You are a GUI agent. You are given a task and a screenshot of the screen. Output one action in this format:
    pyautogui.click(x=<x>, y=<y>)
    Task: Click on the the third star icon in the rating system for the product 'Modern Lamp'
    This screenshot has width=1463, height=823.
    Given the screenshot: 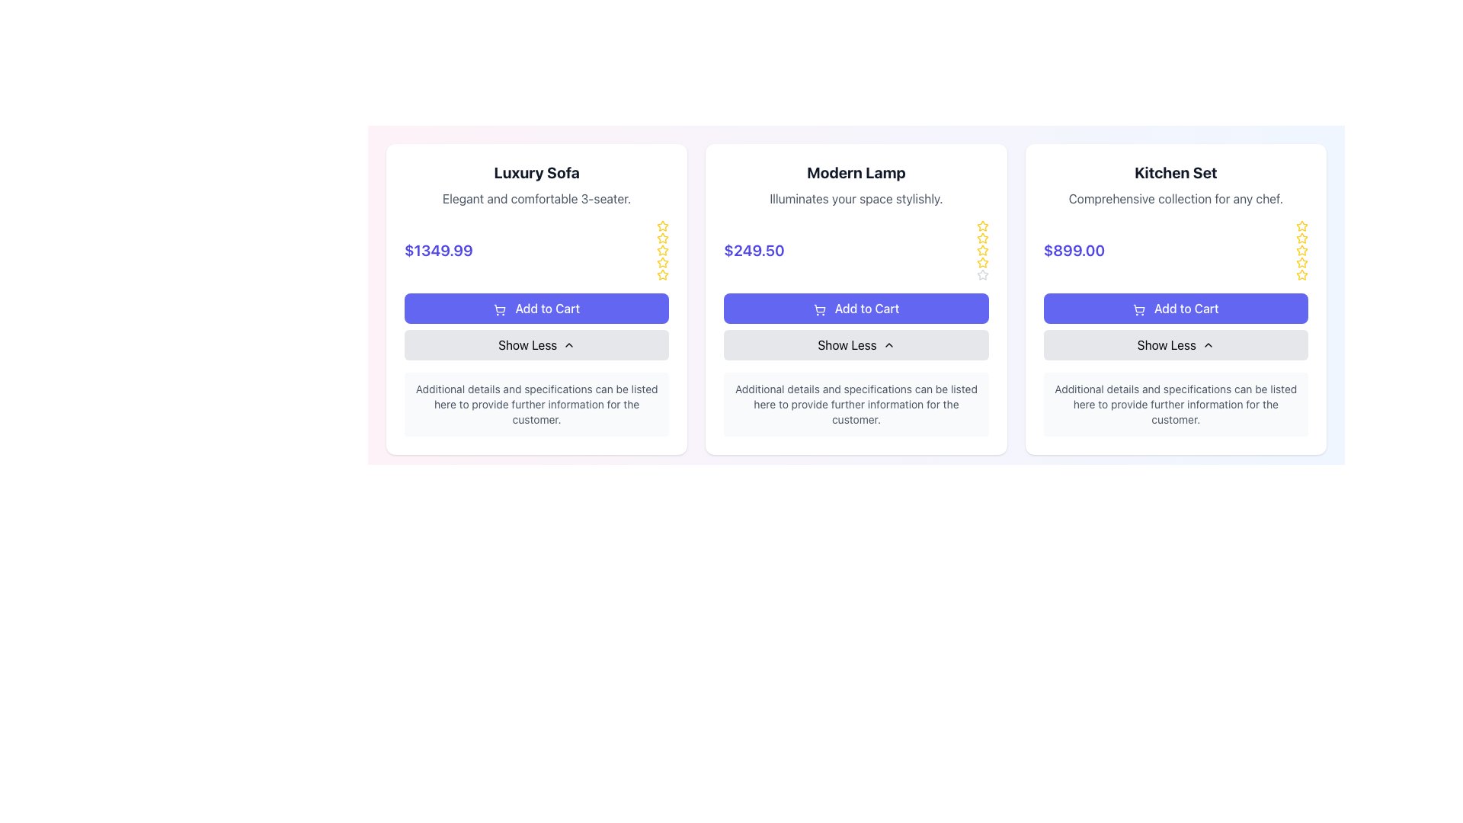 What is the action you would take?
    pyautogui.click(x=982, y=238)
    